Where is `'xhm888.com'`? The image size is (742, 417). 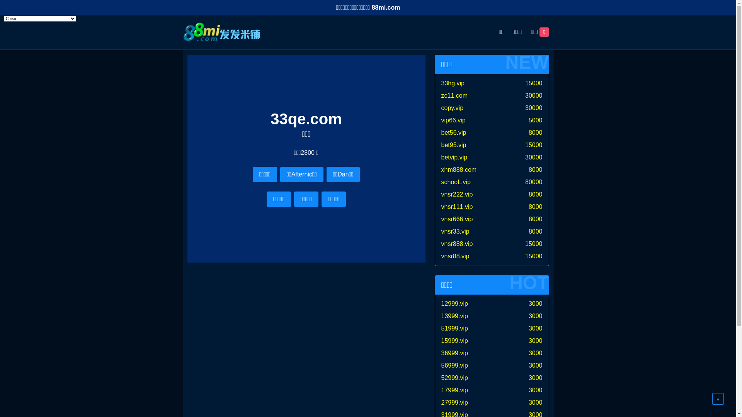
'xhm888.com' is located at coordinates (459, 169).